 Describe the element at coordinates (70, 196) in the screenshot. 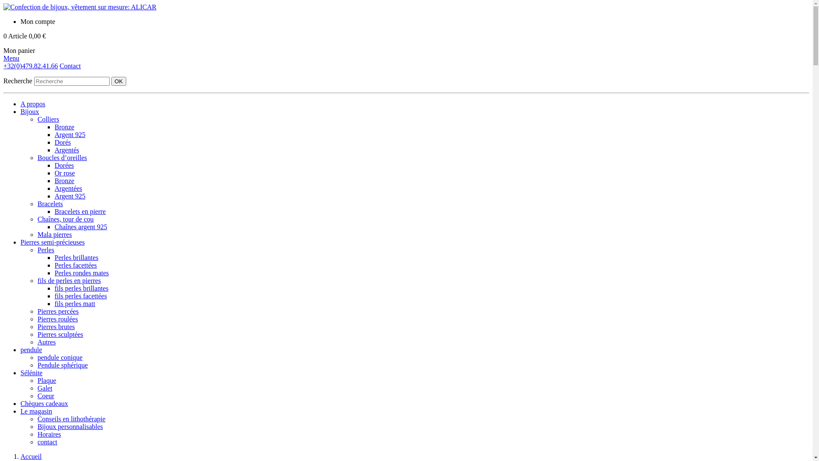

I see `'Argent 925'` at that location.